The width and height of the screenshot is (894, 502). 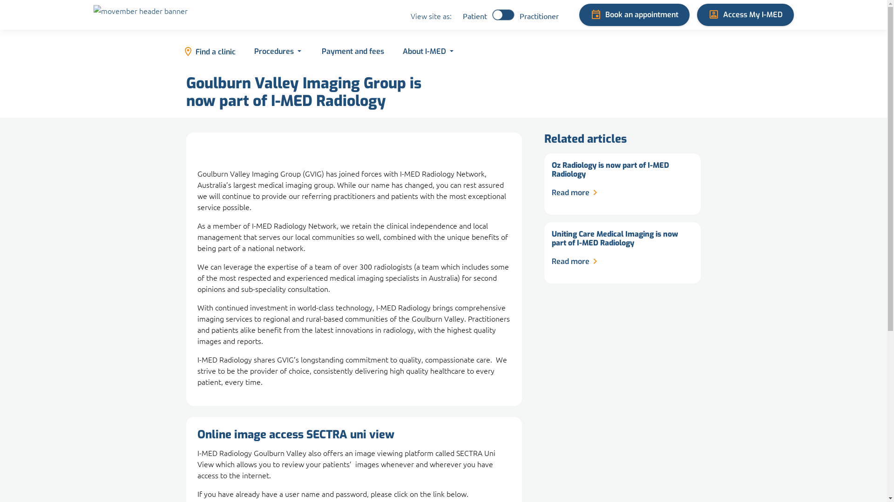 I want to click on 'Payment and fees', so click(x=312, y=52).